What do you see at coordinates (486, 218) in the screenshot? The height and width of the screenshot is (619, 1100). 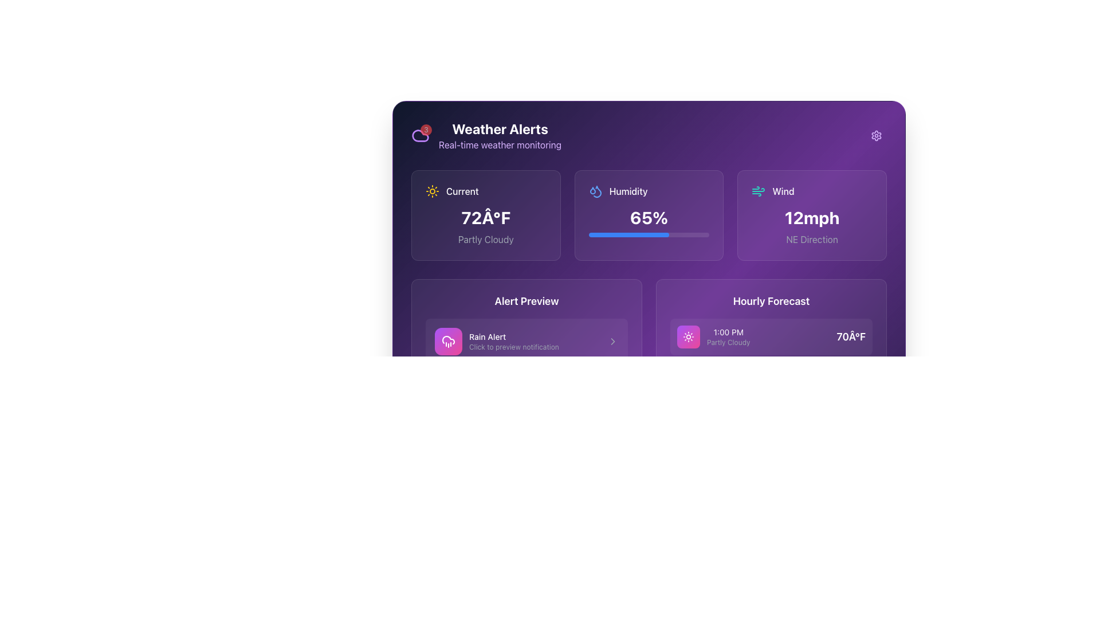 I see `the temperature display text located in the 'Current' card, centrally positioned between the title and the description 'Partly Cloudy'` at bounding box center [486, 218].